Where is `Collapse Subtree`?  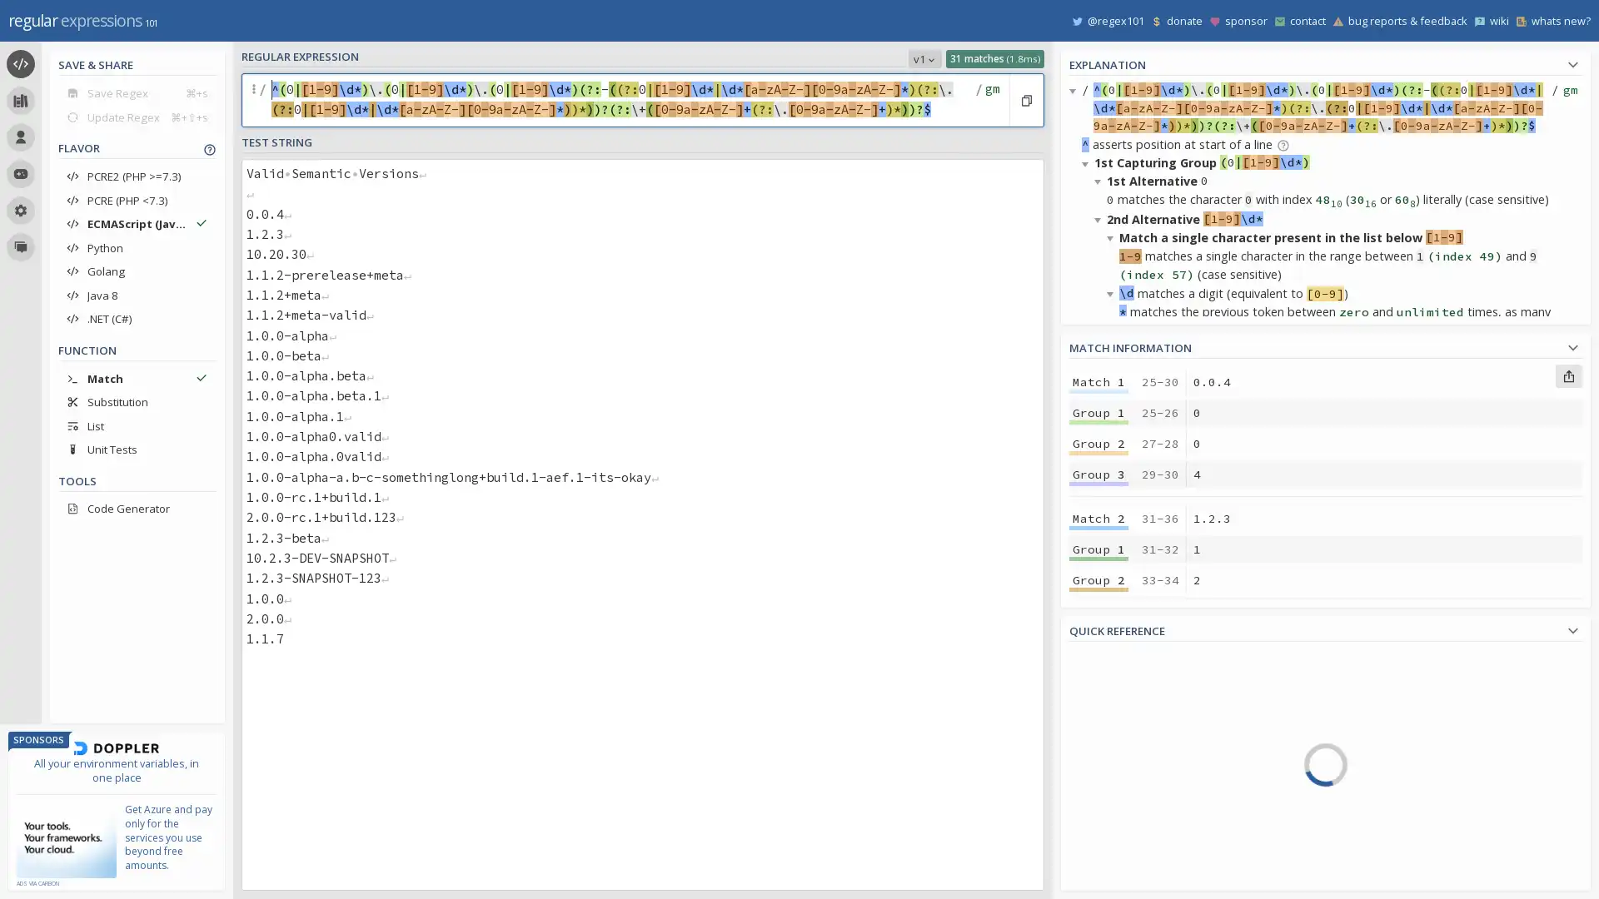 Collapse Subtree is located at coordinates (1113, 499).